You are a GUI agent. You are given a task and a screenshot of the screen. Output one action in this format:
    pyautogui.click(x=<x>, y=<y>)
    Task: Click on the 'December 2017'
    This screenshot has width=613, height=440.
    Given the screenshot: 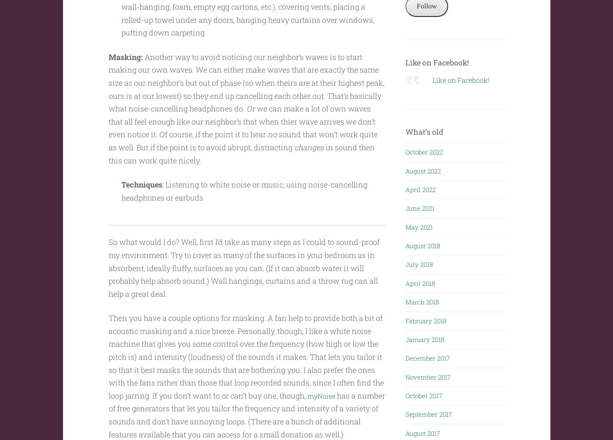 What is the action you would take?
    pyautogui.click(x=427, y=356)
    